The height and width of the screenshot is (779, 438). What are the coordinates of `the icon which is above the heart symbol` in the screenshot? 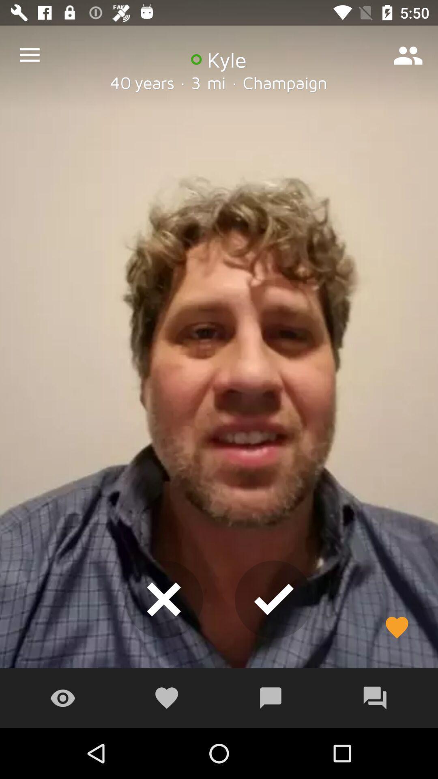 It's located at (164, 600).